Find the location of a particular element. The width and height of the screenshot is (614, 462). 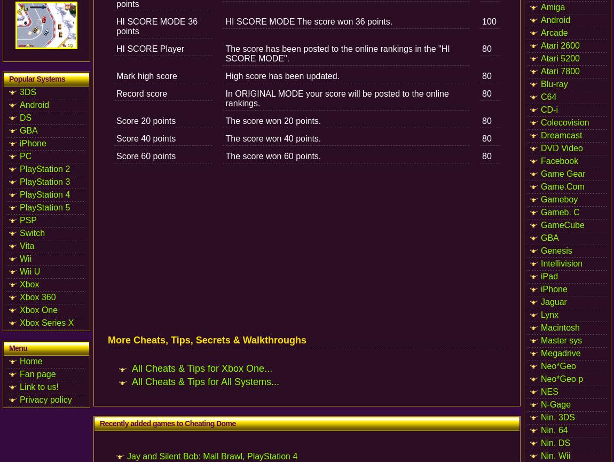

'Atari 7800' is located at coordinates (541, 71).